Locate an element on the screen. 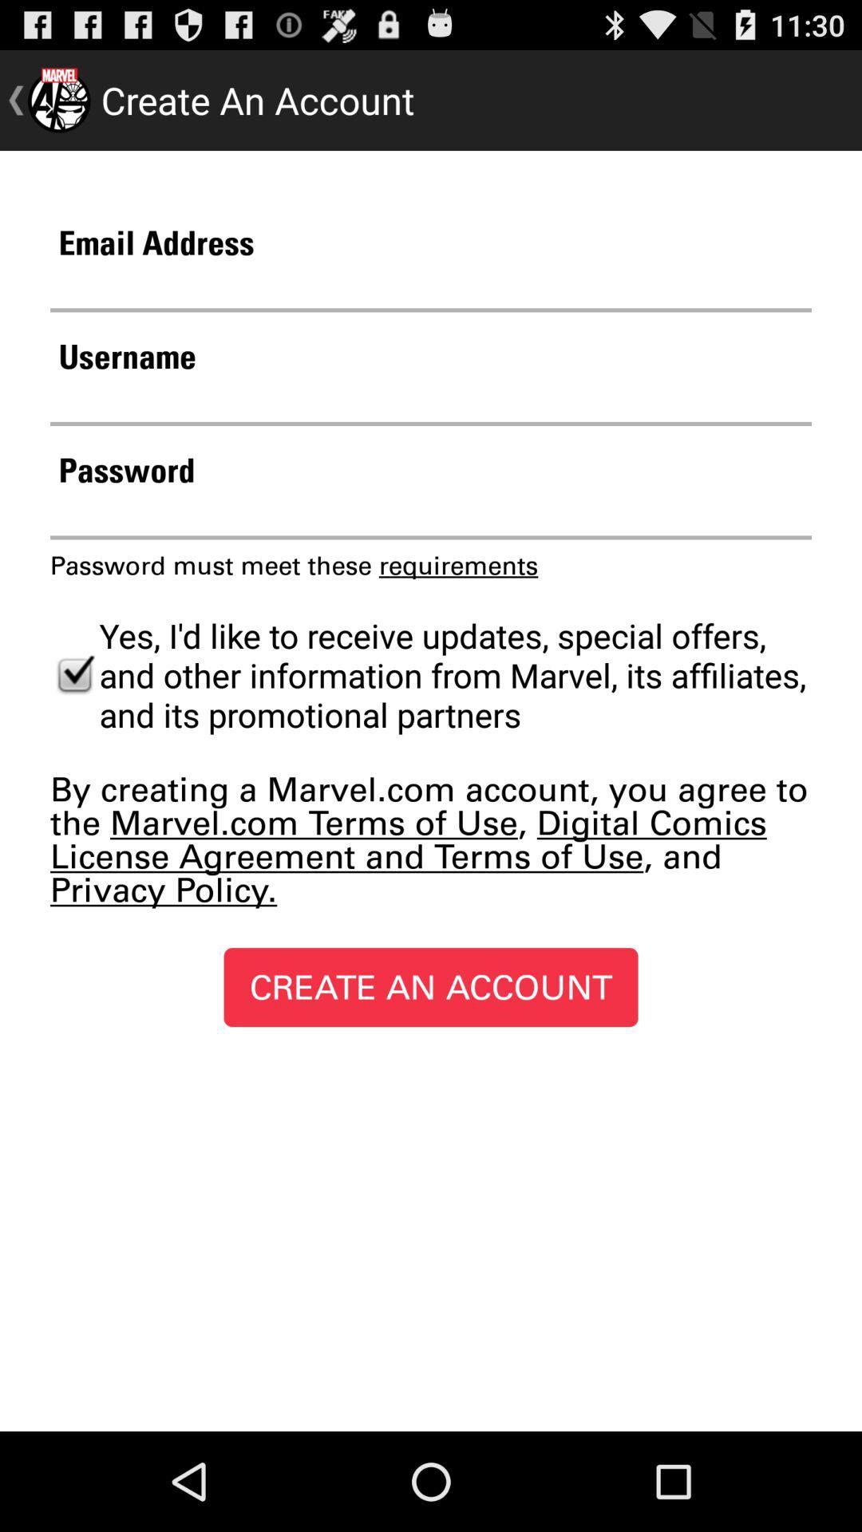 This screenshot has width=862, height=1532. the check box with its text is located at coordinates (431, 674).